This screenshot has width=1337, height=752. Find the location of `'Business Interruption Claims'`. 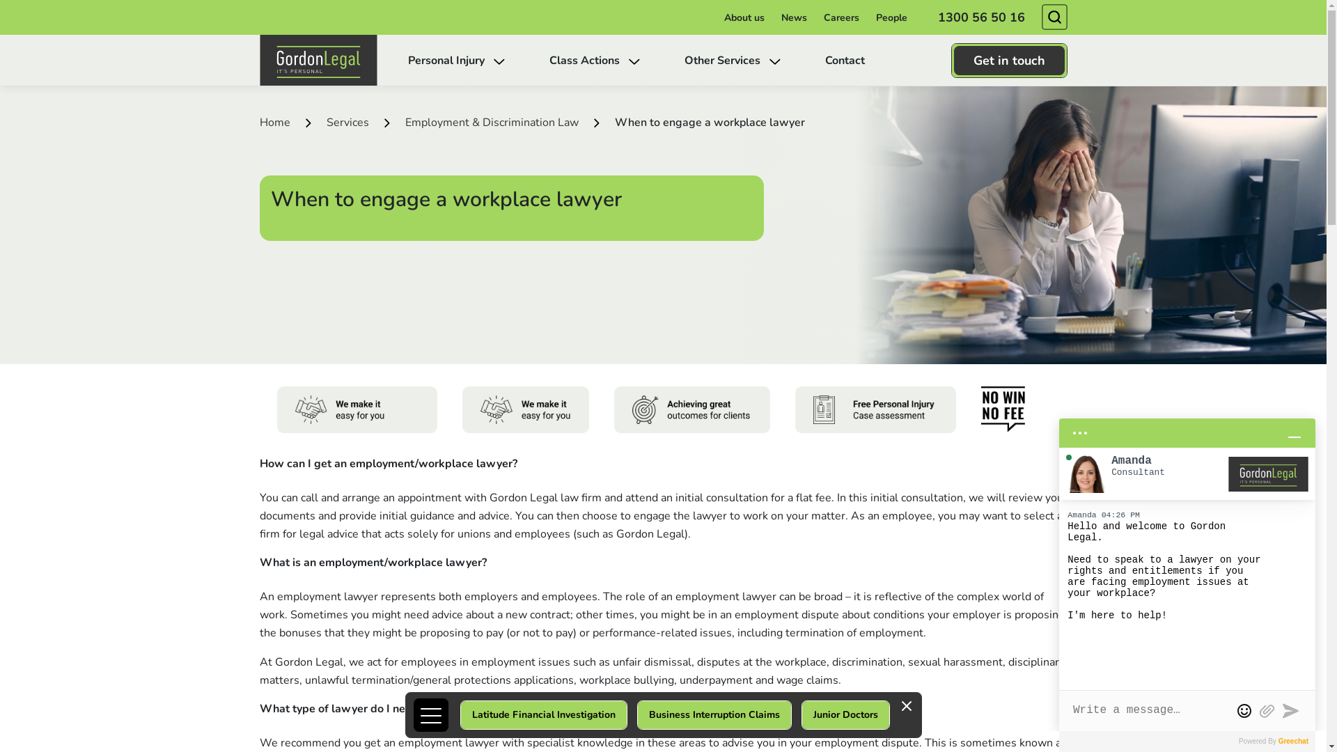

'Business Interruption Claims' is located at coordinates (636, 714).